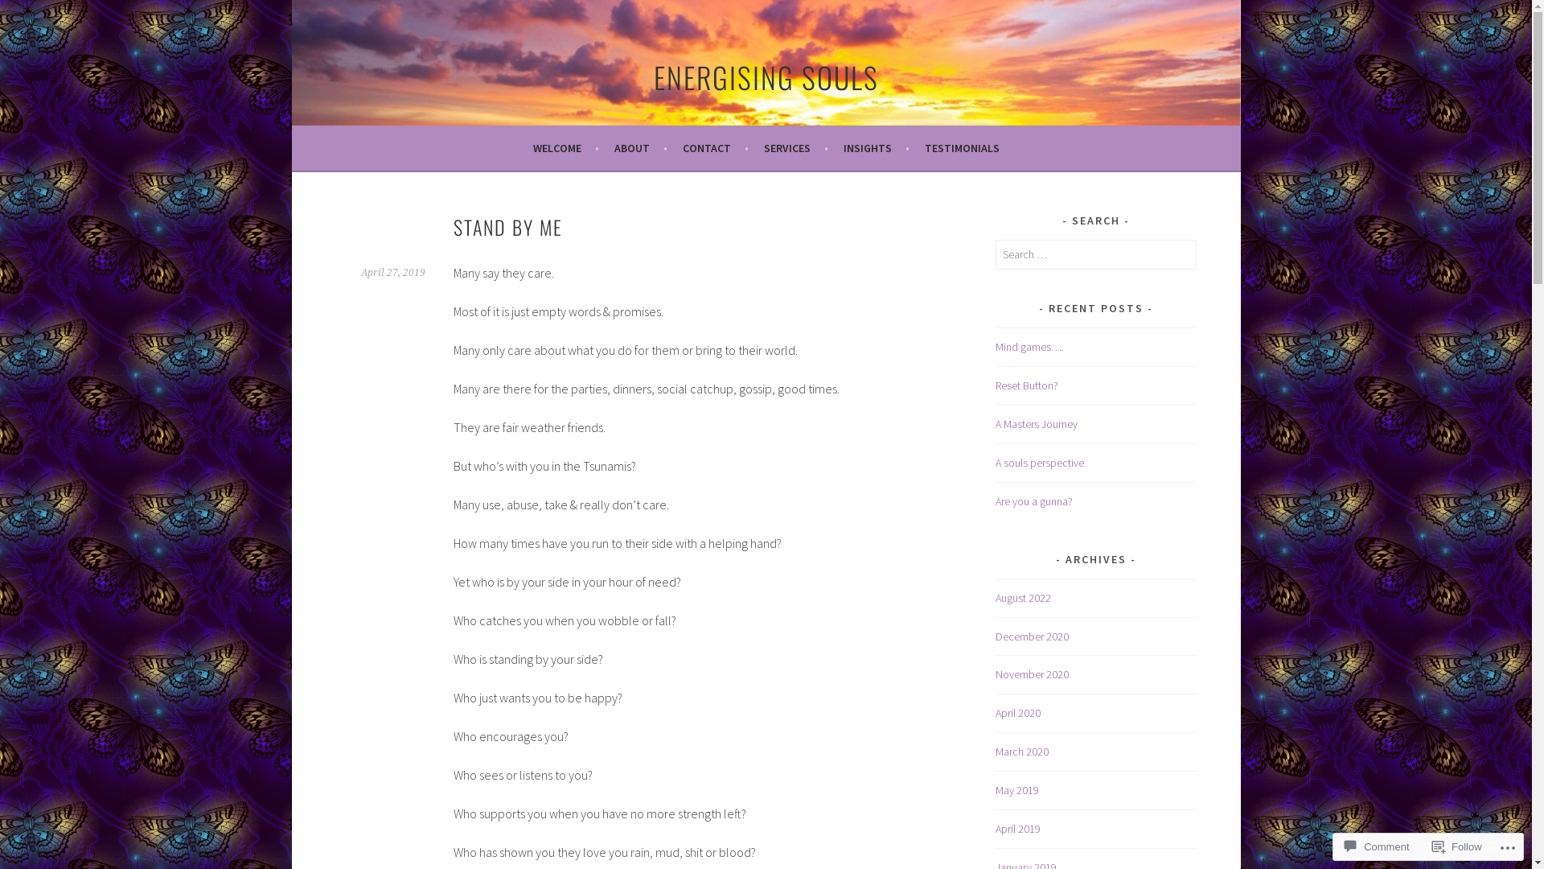 The height and width of the screenshot is (869, 1544). I want to click on 'INSIGHTS', so click(841, 148).